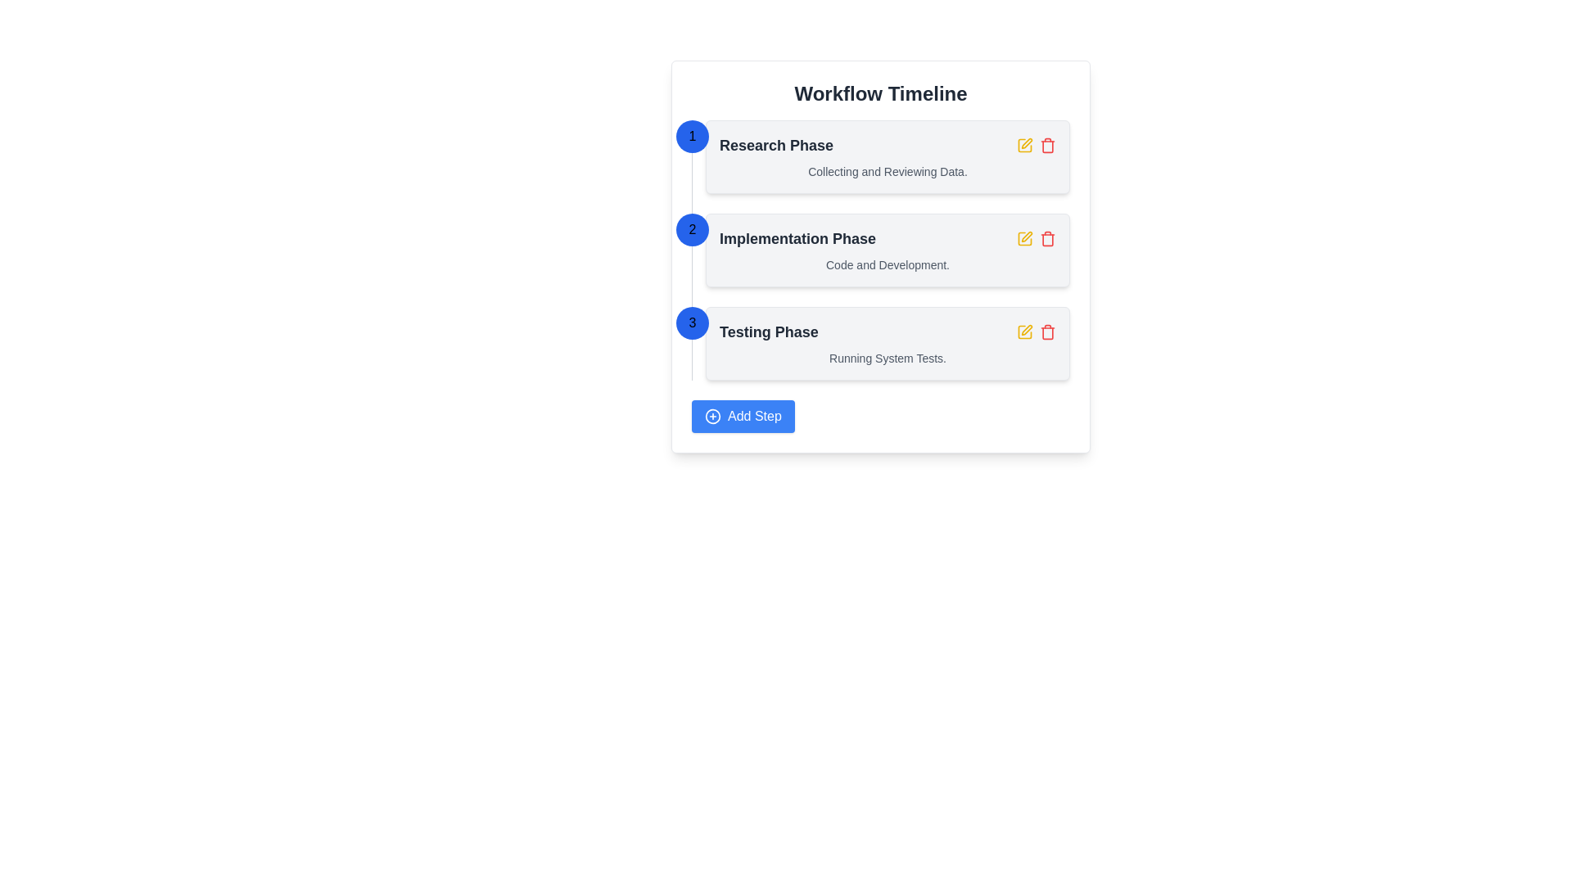 The image size is (1572, 884). Describe the element at coordinates (692, 322) in the screenshot. I see `the Step Indicator Icon marked with the number '3'` at that location.